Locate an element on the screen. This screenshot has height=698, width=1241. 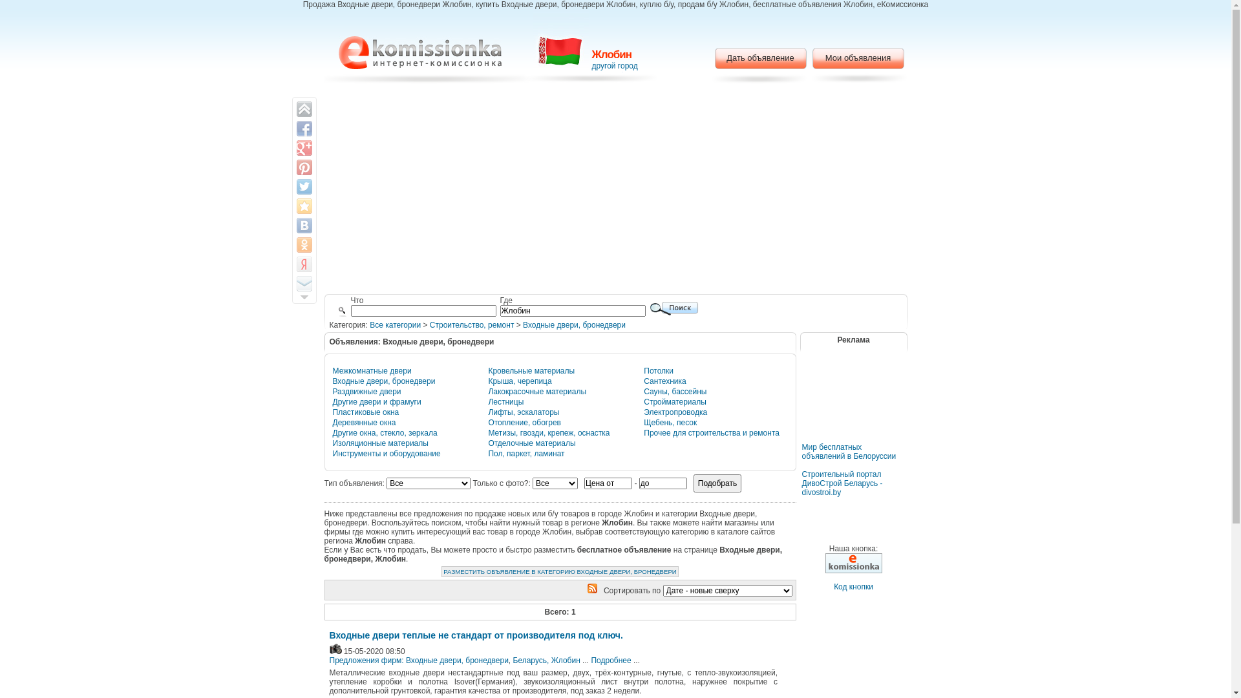
'Back on top' is located at coordinates (295, 109).